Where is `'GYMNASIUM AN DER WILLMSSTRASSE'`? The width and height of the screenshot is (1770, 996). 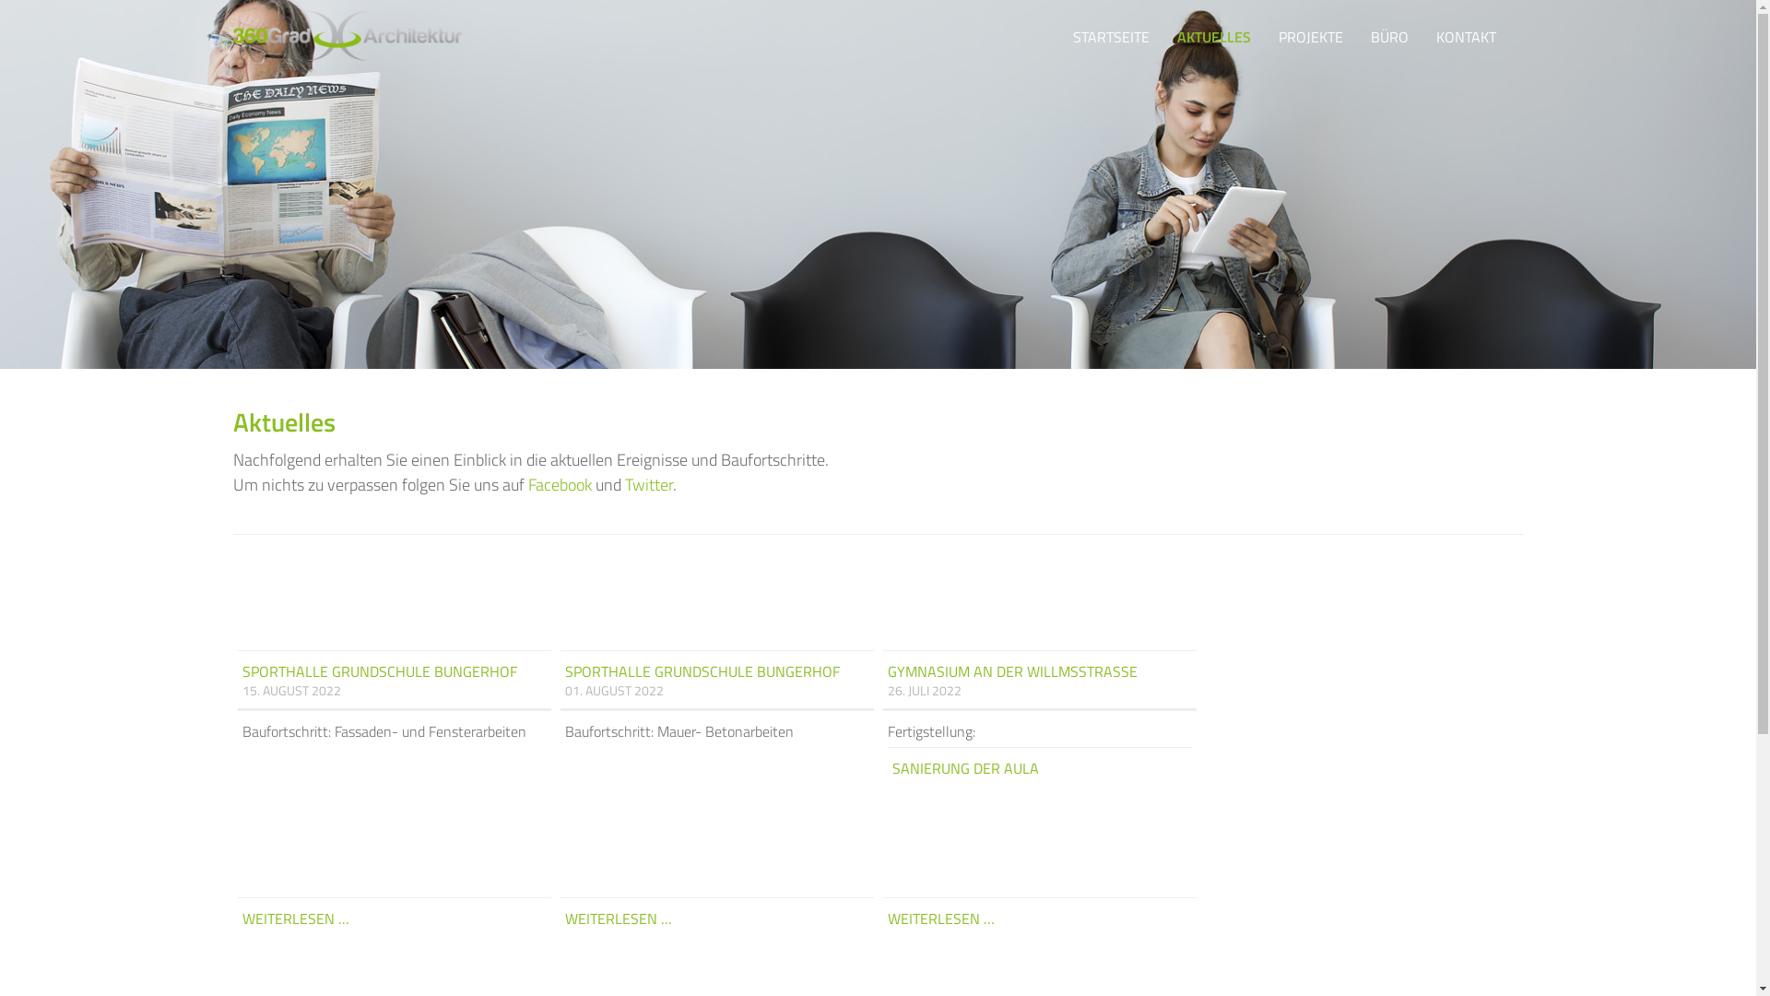 'GYMNASIUM AN DER WILLMSSTRASSE' is located at coordinates (1040, 666).